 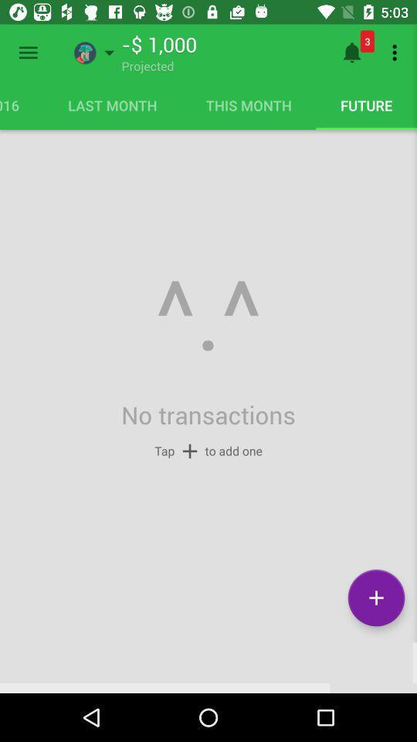 What do you see at coordinates (396, 53) in the screenshot?
I see `item next to 3` at bounding box center [396, 53].